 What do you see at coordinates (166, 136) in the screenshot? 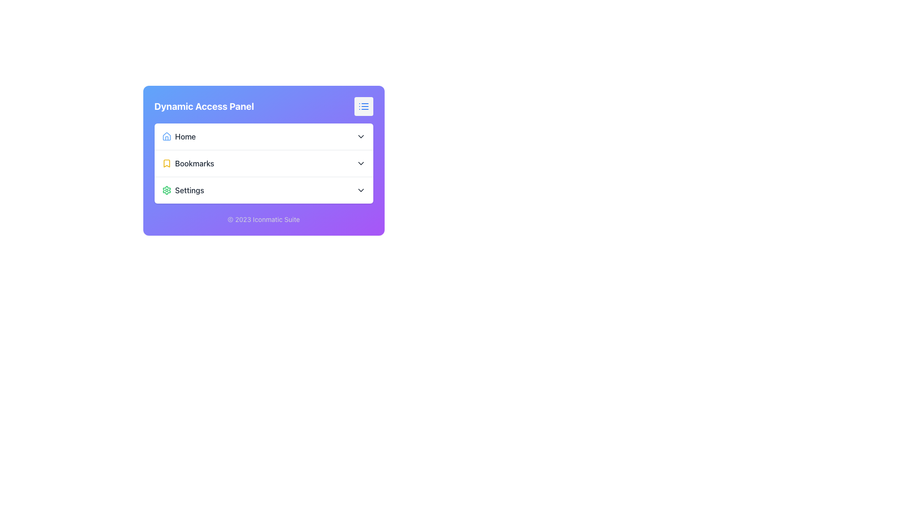
I see `the Home icon in the menu, which is located to the left of the 'Home' text and is the first element in the primary list of the menu` at bounding box center [166, 136].